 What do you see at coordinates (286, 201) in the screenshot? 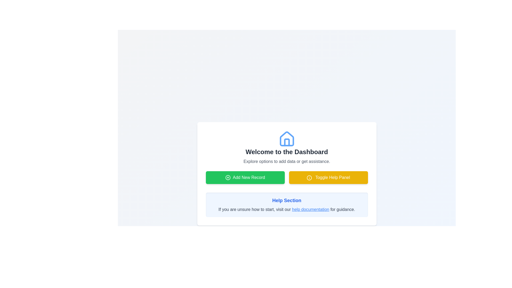
I see `text content of the bold blue 'Help Section' label located centrally within a light blue box at the bottom of the content area` at bounding box center [286, 201].